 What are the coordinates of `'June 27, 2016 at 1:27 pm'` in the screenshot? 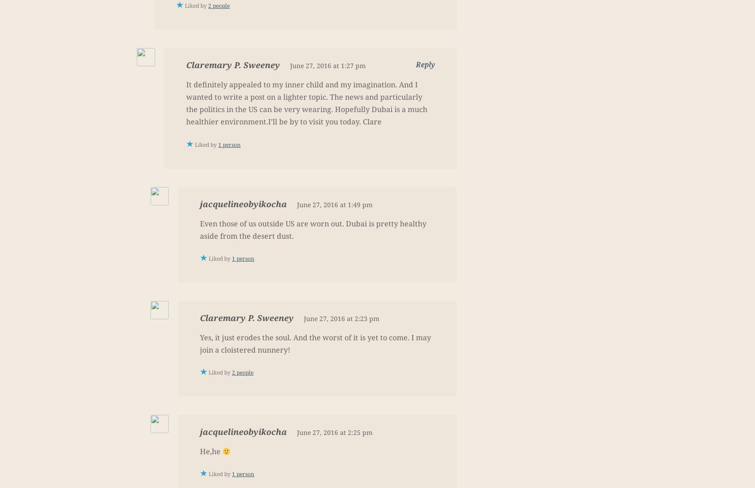 It's located at (327, 64).